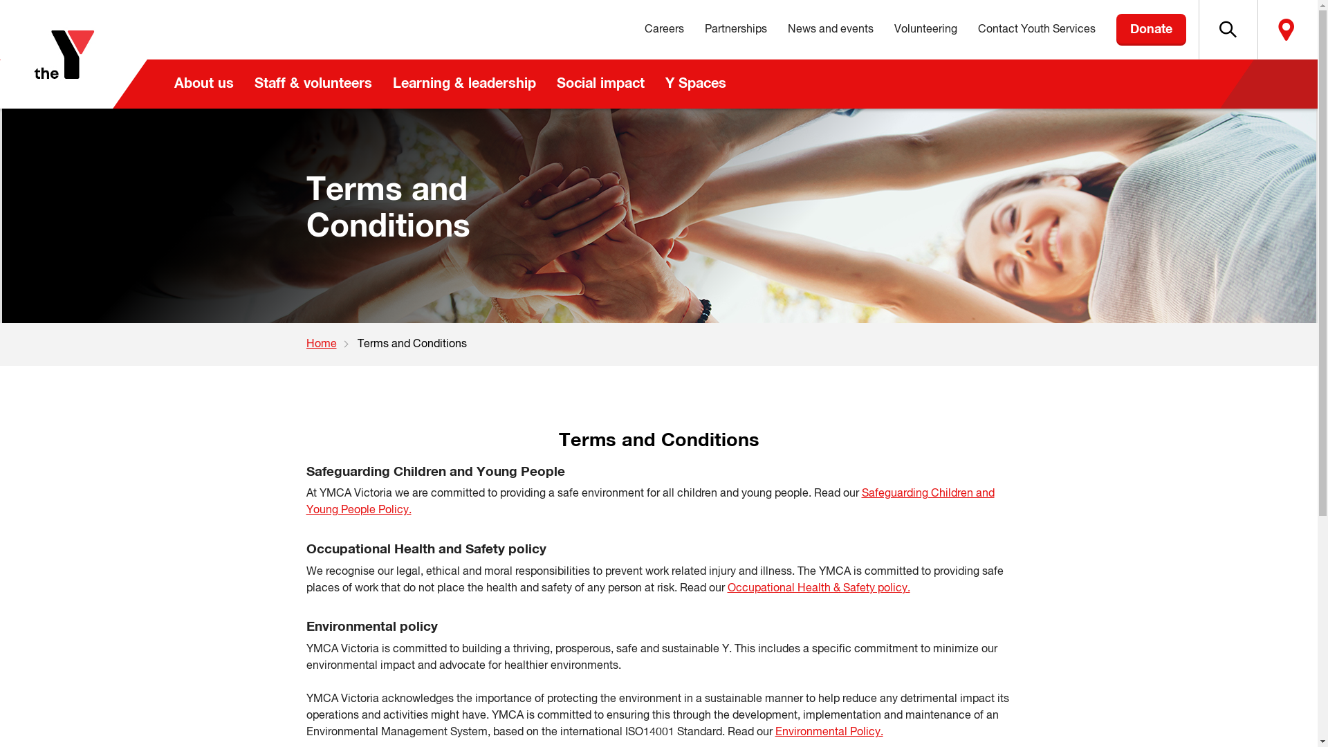 The height and width of the screenshot is (747, 1328). What do you see at coordinates (726, 589) in the screenshot?
I see `'Occupational Health & Safety policy.'` at bounding box center [726, 589].